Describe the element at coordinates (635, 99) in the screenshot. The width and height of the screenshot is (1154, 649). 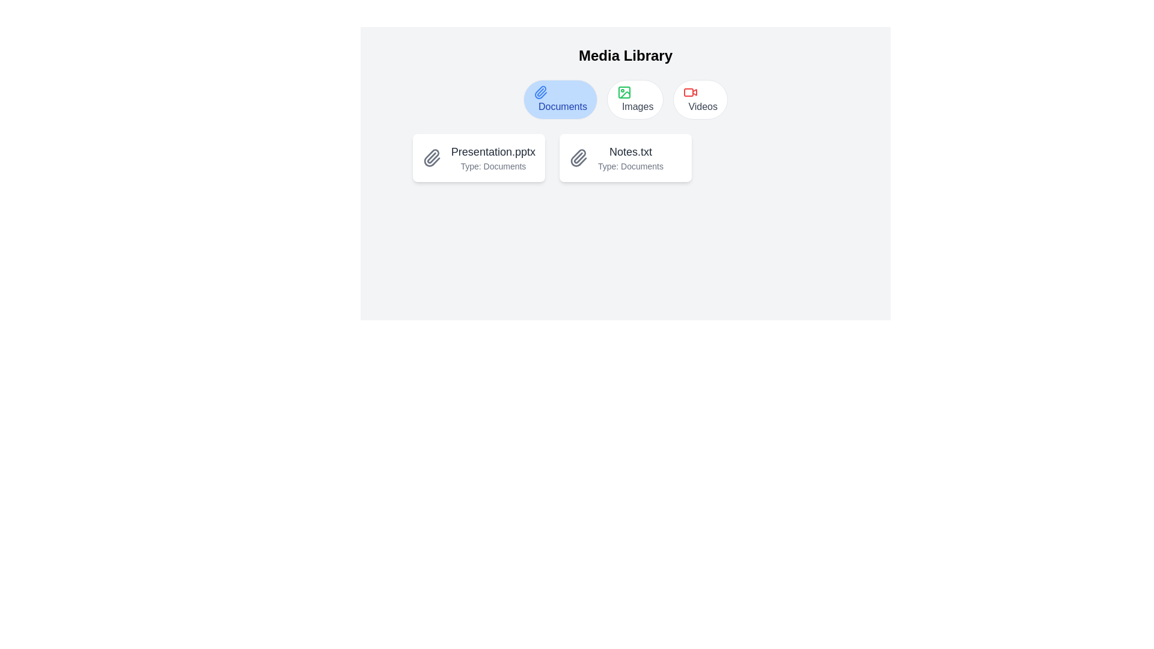
I see `the button labeled 'Images' which has a white background and gray text` at that location.